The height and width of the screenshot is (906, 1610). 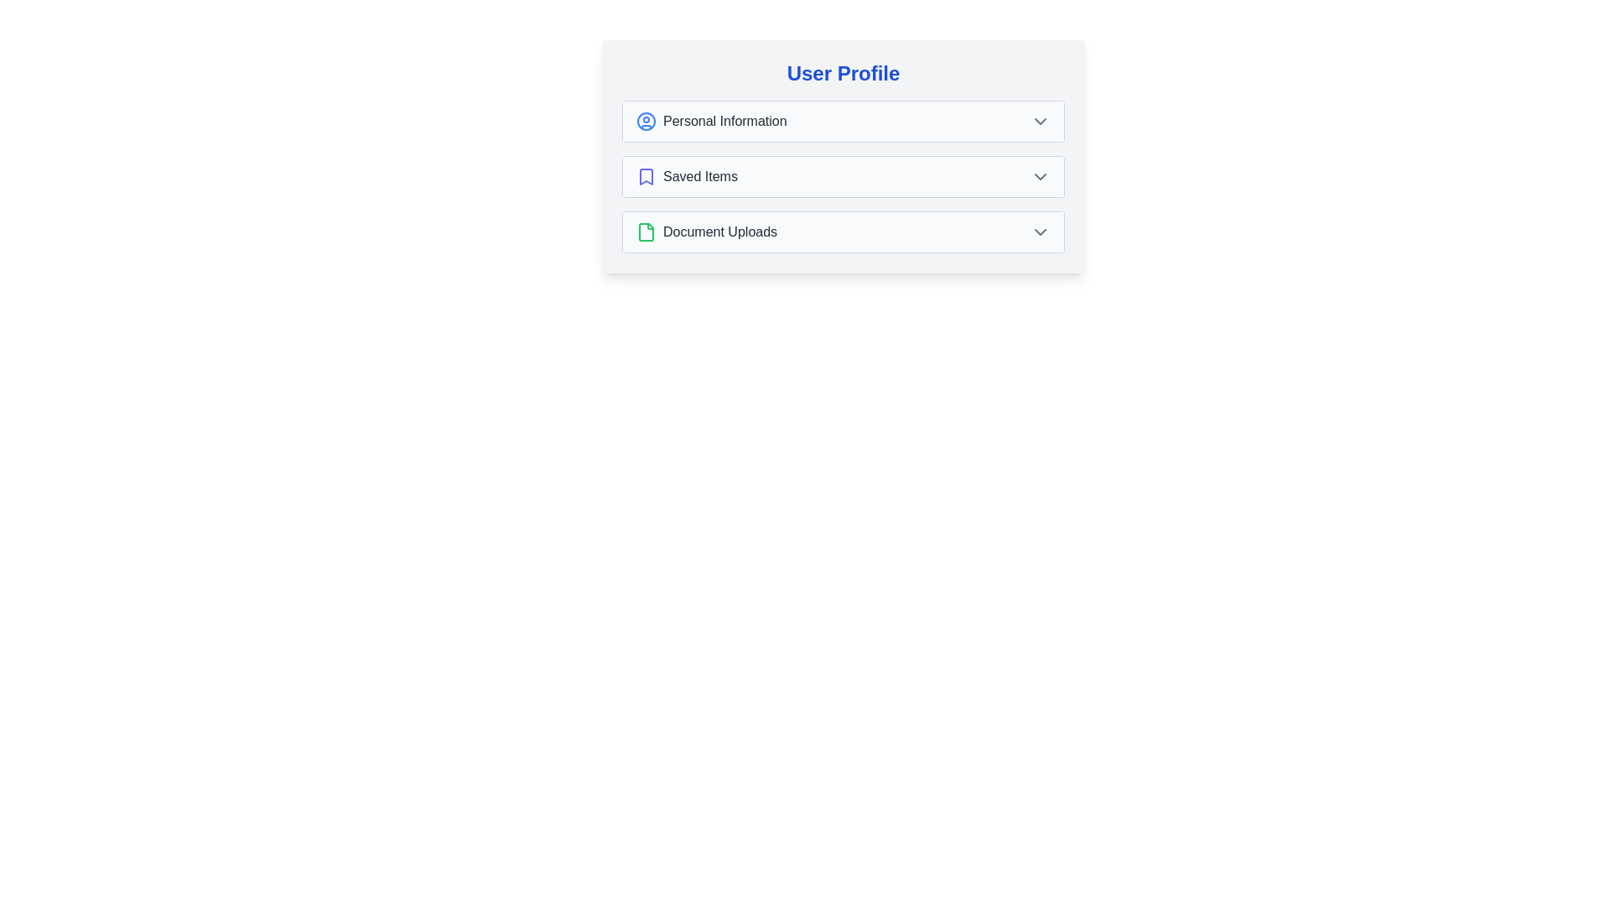 What do you see at coordinates (711, 121) in the screenshot?
I see `the 'Personal Information' header label with icon located at the top of the vertical list under the 'User Profile' section` at bounding box center [711, 121].